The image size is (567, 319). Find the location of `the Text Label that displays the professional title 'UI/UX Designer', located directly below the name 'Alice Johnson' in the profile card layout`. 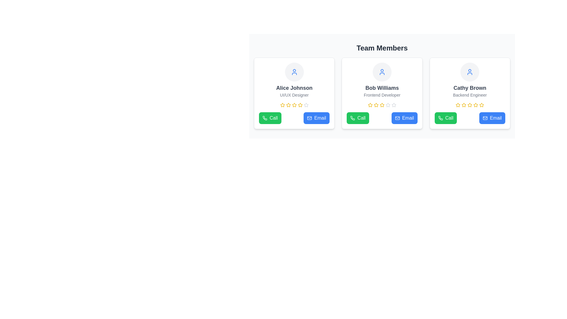

the Text Label that displays the professional title 'UI/UX Designer', located directly below the name 'Alice Johnson' in the profile card layout is located at coordinates (294, 95).